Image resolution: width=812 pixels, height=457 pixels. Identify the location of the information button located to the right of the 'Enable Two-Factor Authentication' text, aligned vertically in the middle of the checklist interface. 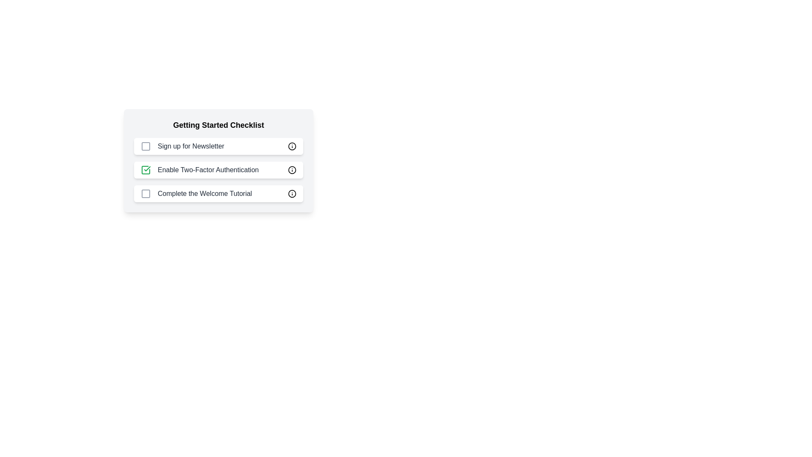
(292, 170).